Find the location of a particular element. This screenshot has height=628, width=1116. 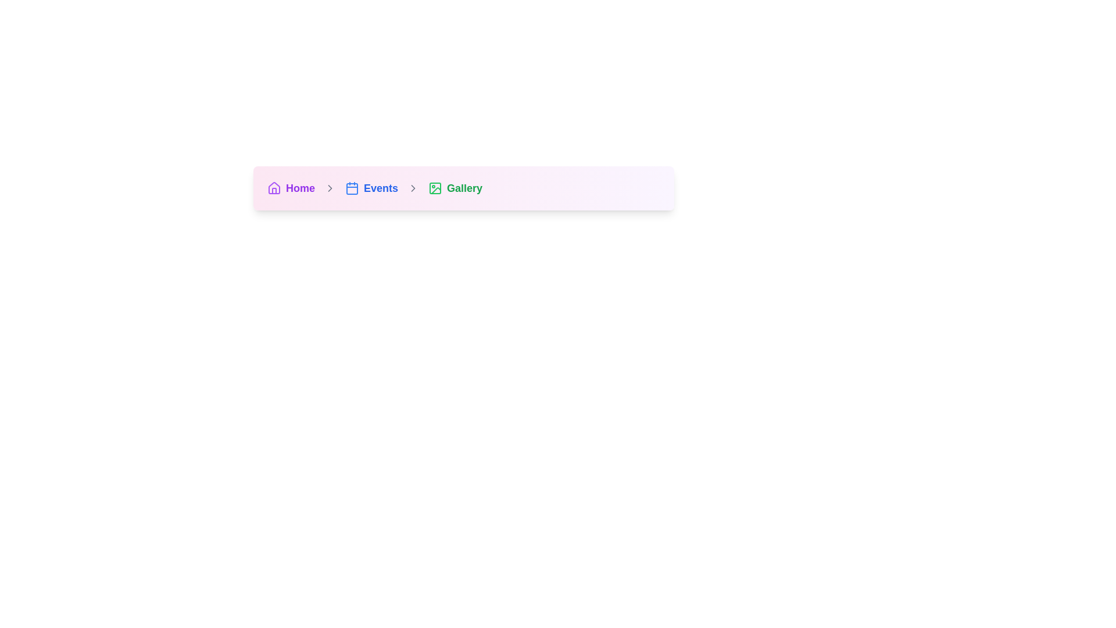

the house-shaped icon which is the leftmost breadcrumb navigation button in the horizontal breadcrumb bar is located at coordinates (273, 187).